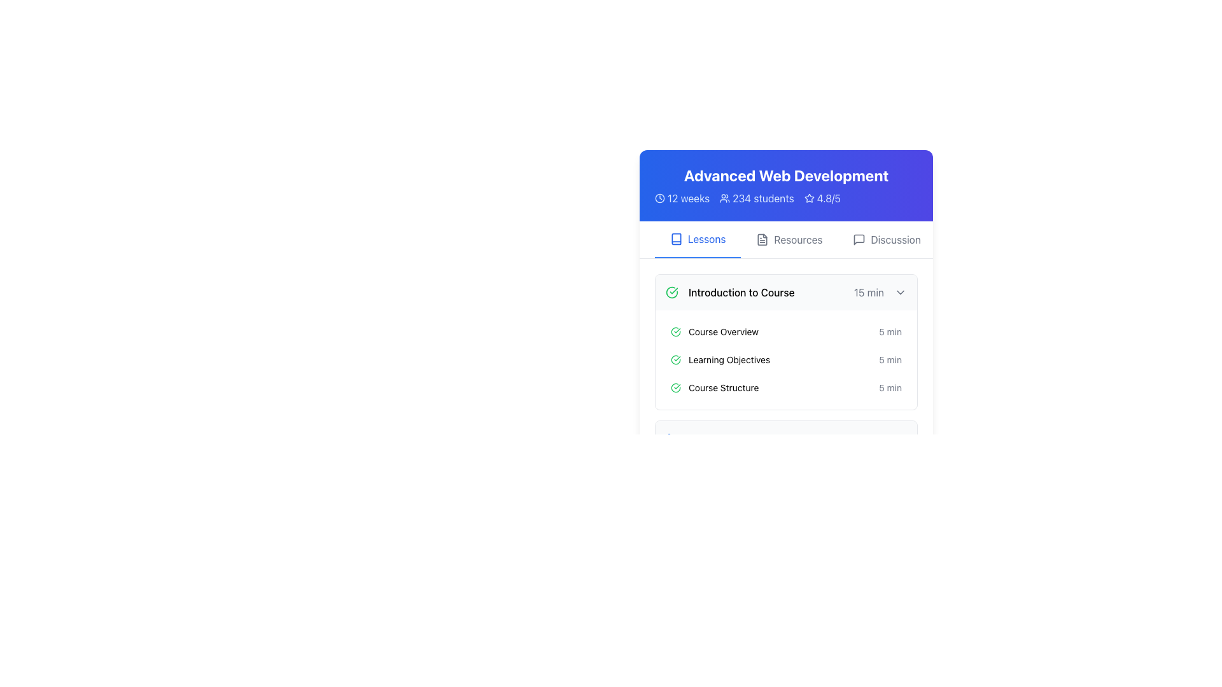  Describe the element at coordinates (900, 292) in the screenshot. I see `the visual state of the downward-pointing chevron icon adjacent to the '15 min' label in the 'Introduction to Course' section, indicating the expanded or collapsed state of the section` at that location.